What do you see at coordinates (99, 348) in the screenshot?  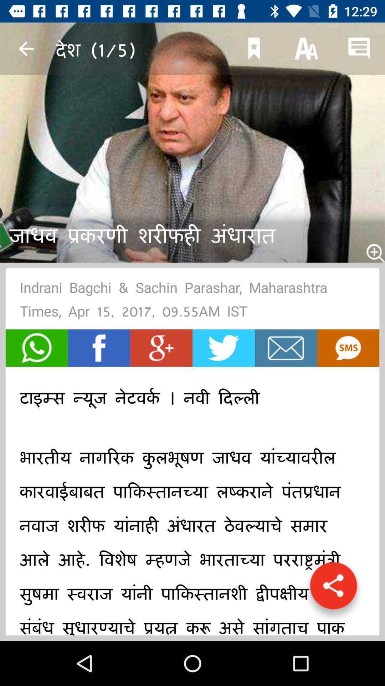 I see `share in facebook` at bounding box center [99, 348].